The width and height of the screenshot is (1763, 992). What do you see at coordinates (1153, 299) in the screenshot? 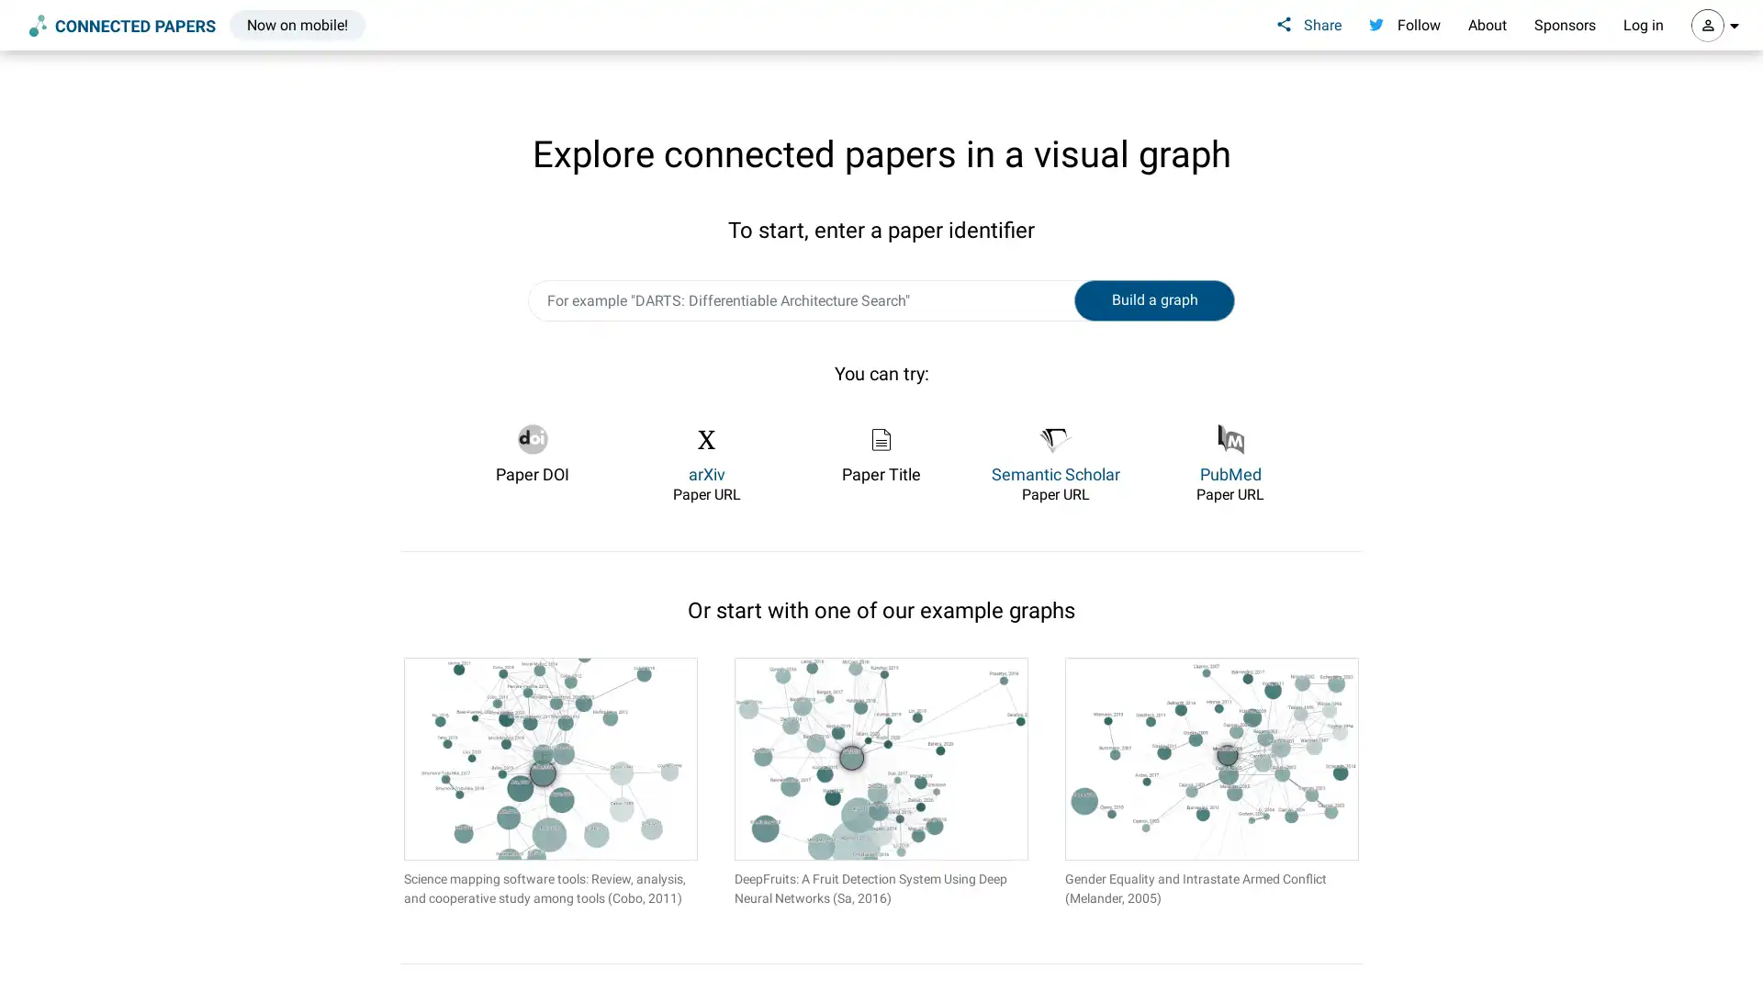
I see `Build a graph` at bounding box center [1153, 299].